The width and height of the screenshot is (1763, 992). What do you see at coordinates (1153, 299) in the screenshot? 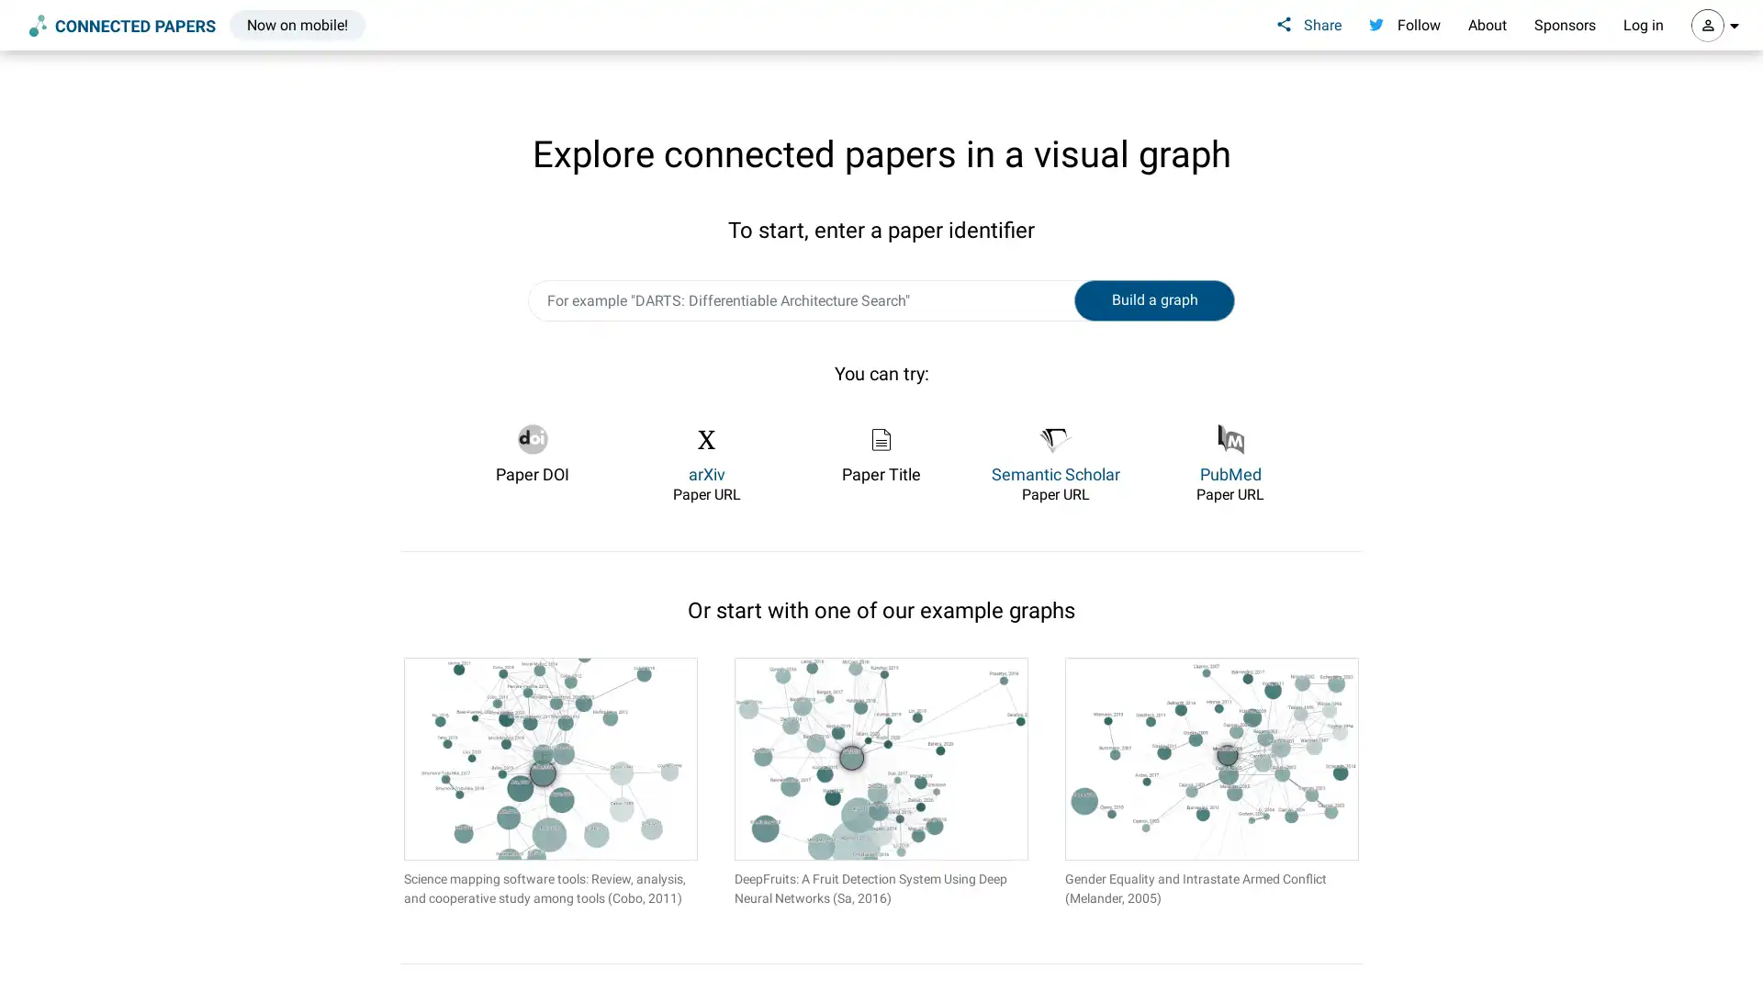
I see `Build a graph` at bounding box center [1153, 299].